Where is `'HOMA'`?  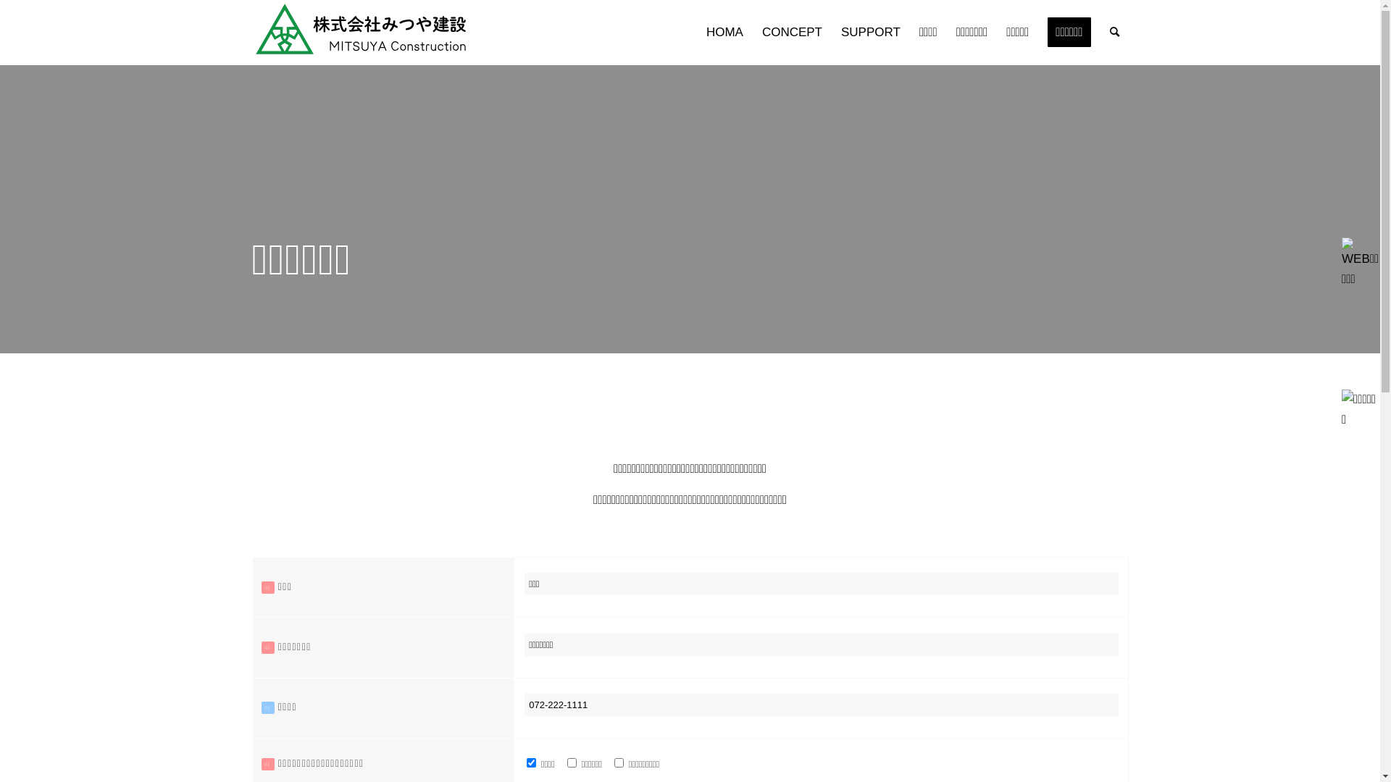
'HOMA' is located at coordinates (724, 33).